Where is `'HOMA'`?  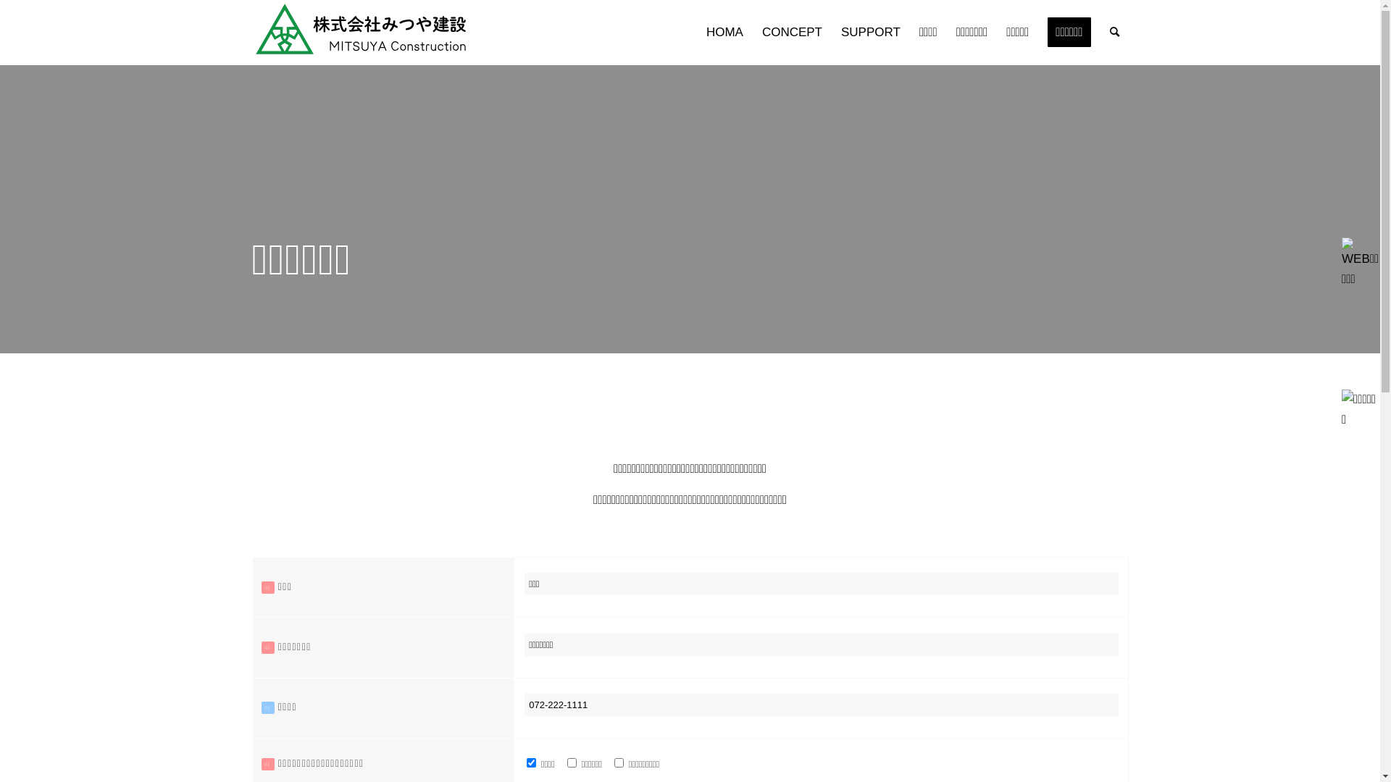
'HOMA' is located at coordinates (724, 33).